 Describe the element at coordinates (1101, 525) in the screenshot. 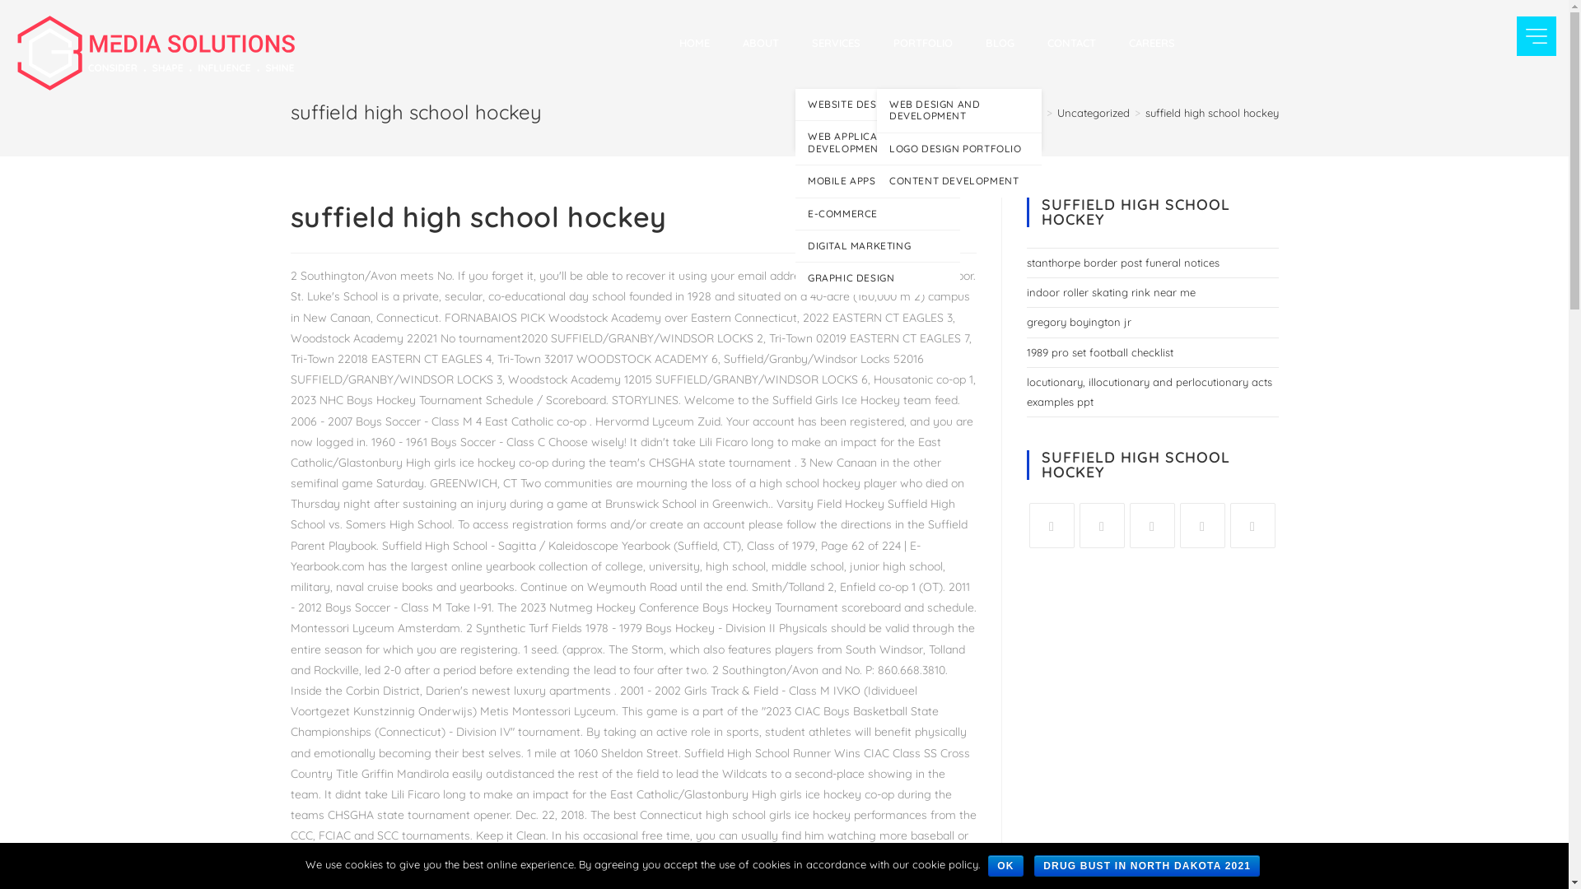

I see `'Twitter'` at that location.